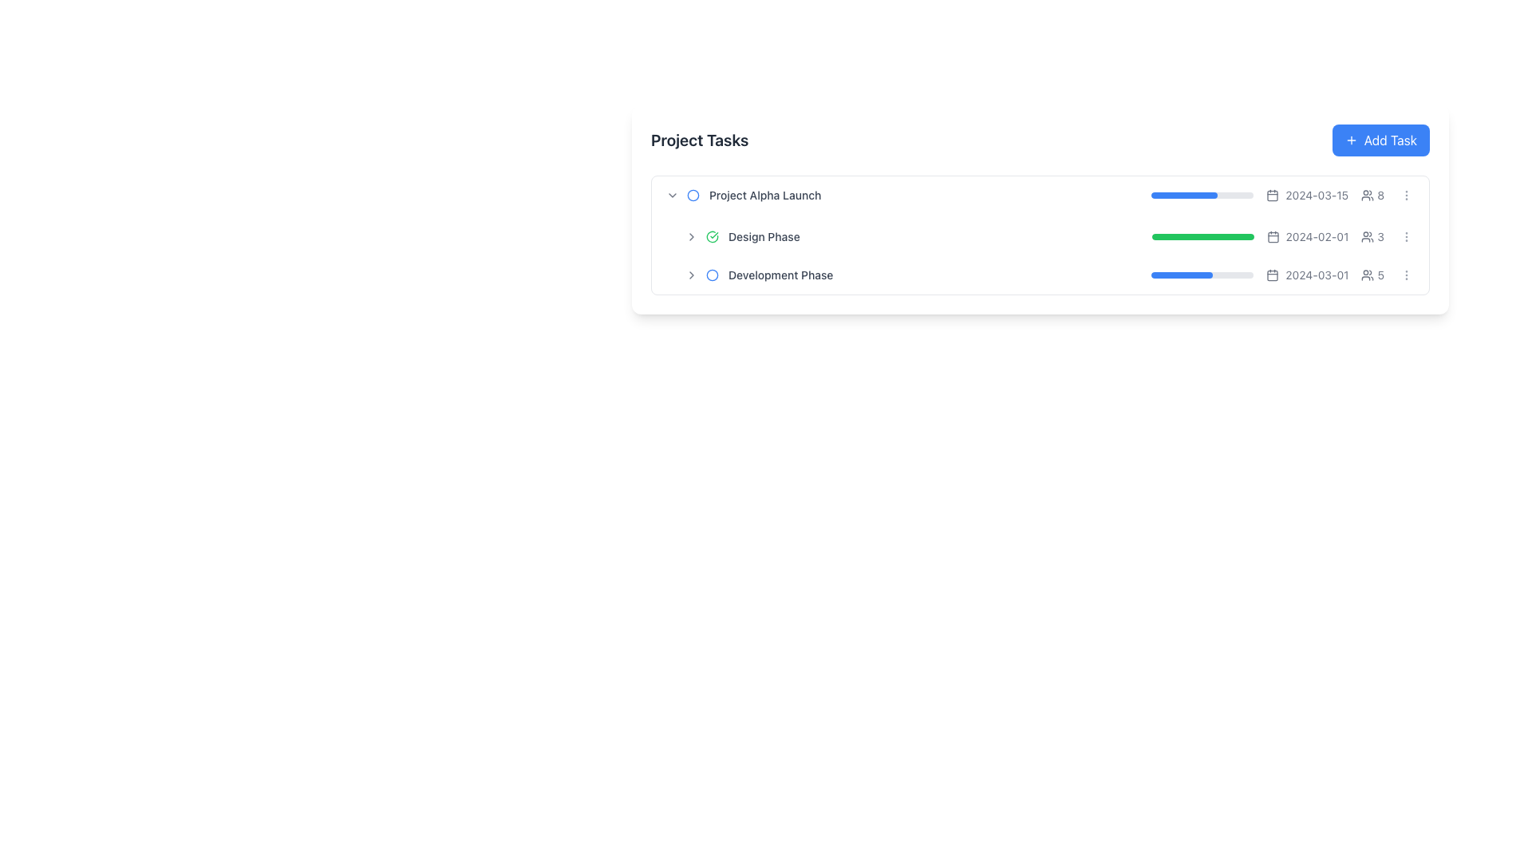 The image size is (1532, 862). What do you see at coordinates (692, 274) in the screenshot?
I see `the chevron icon adjacent to the 'Development Phase' label in the 'Project Tasks' list` at bounding box center [692, 274].